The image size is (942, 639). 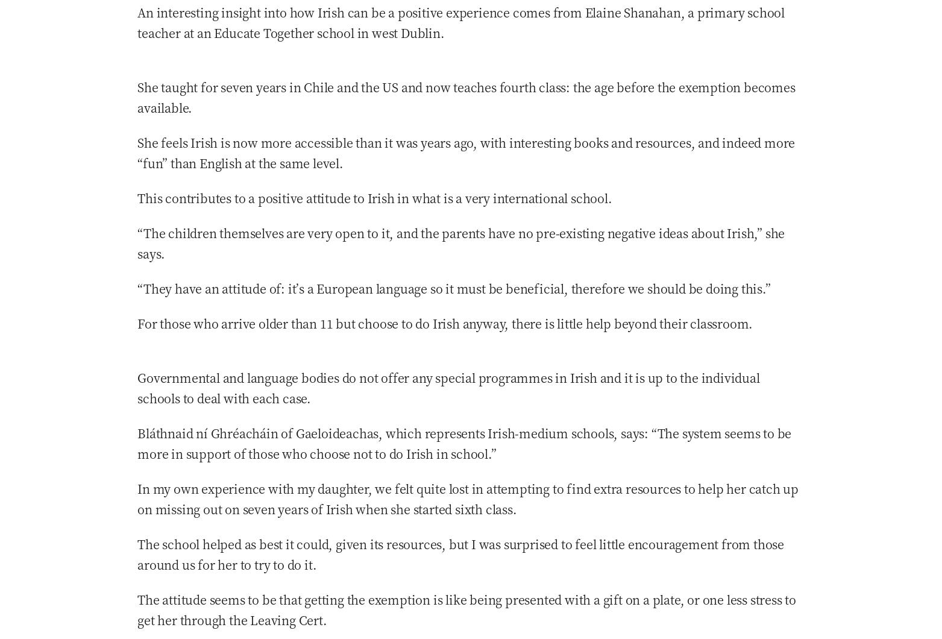 What do you see at coordinates (460, 242) in the screenshot?
I see `'“The children themselves are very open to it, and the parents have no pre-existing negative ideas about Irish,” she says.'` at bounding box center [460, 242].